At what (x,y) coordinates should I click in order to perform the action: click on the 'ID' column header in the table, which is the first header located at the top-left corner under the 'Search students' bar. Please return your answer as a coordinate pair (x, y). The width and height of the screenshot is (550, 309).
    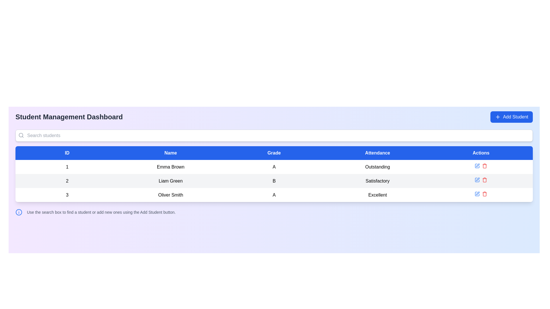
    Looking at the image, I should click on (67, 153).